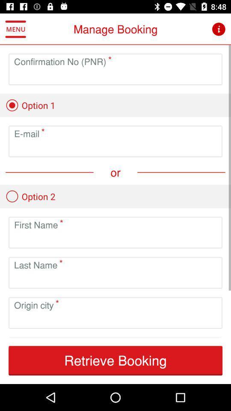  What do you see at coordinates (115, 319) in the screenshot?
I see `city entry box` at bounding box center [115, 319].